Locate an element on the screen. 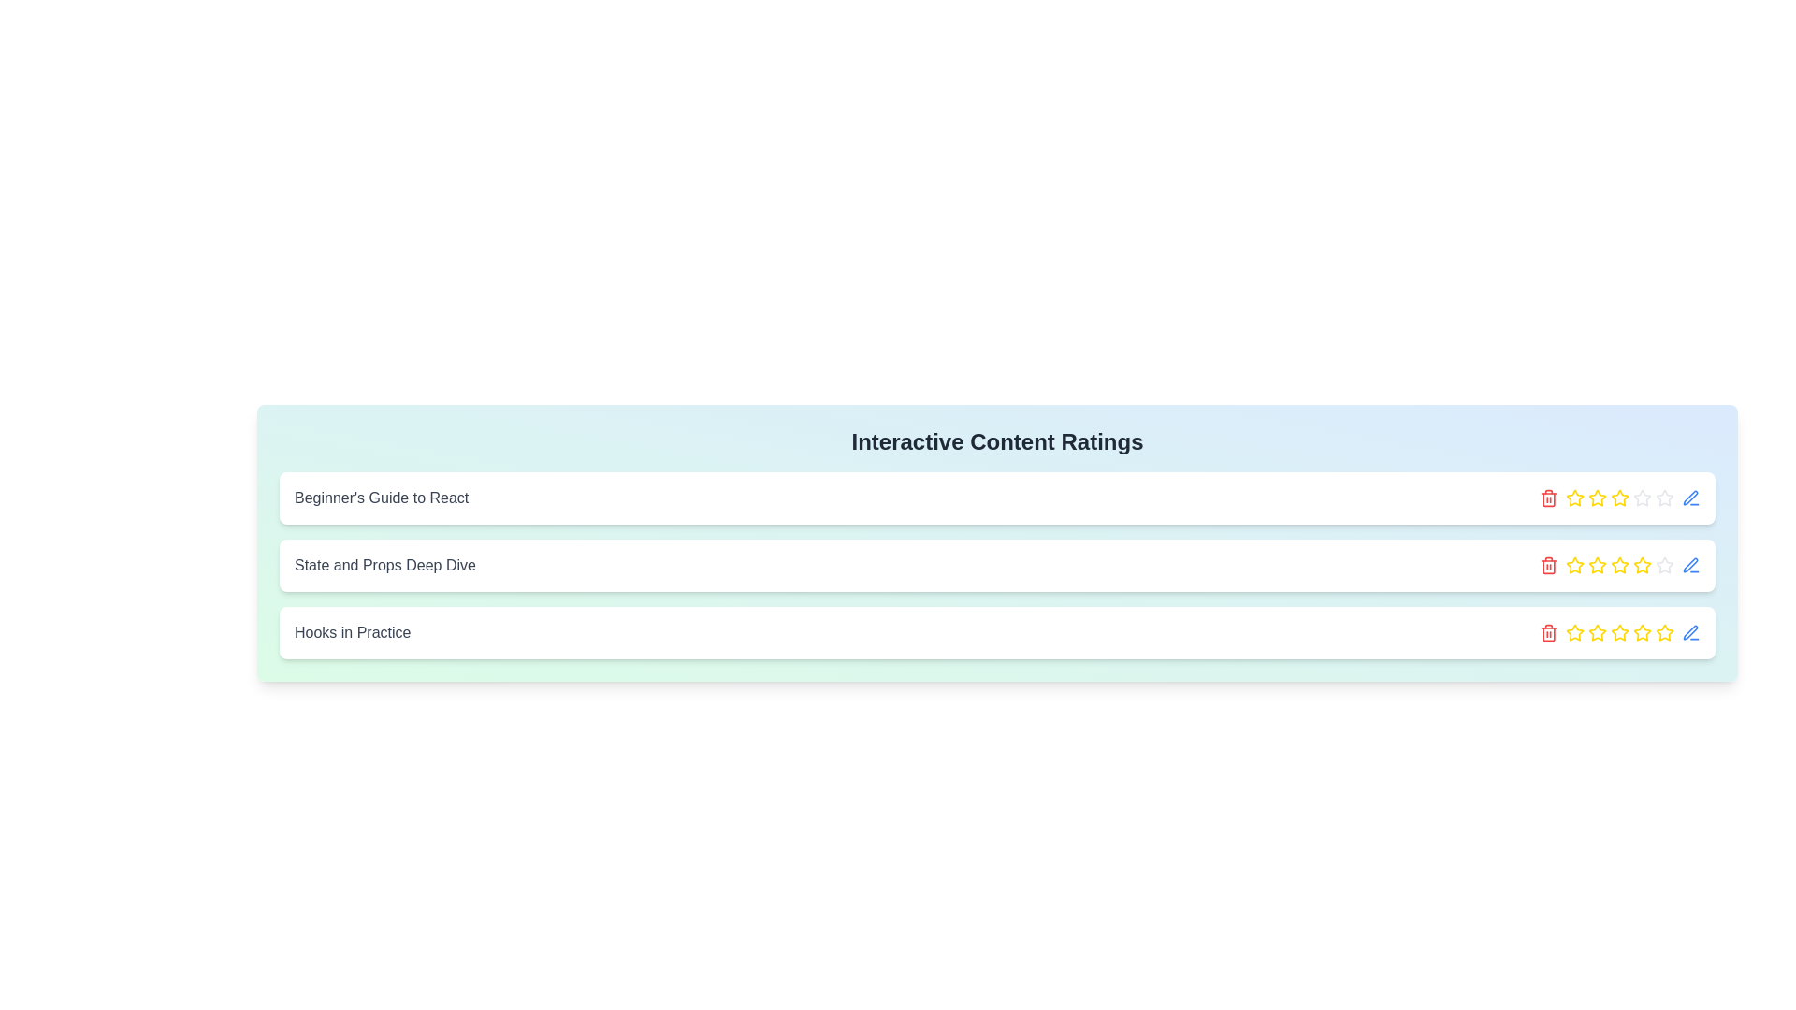 The image size is (1796, 1010). the fourth rating star icon for the 'State and Props Deep Dive' section is located at coordinates (1619, 497).